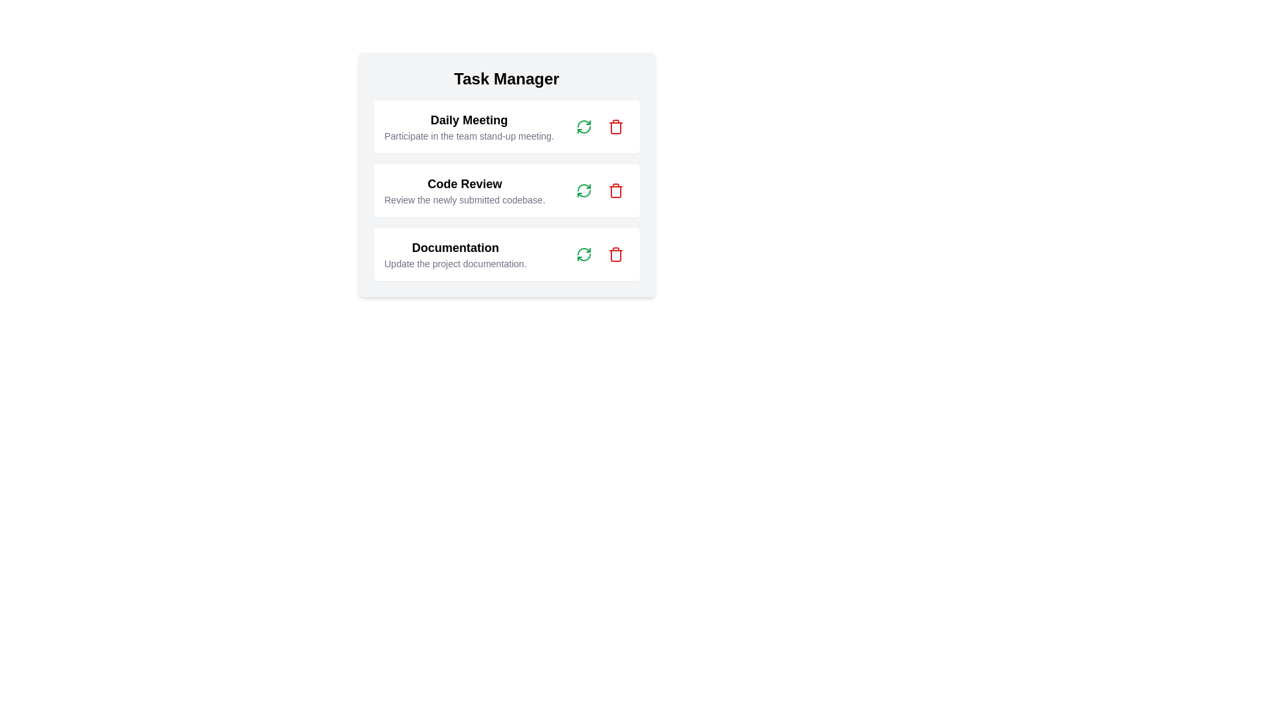 This screenshot has width=1276, height=718. What do you see at coordinates (465, 184) in the screenshot?
I see `the text label that serves as the title of the task in the second task card under the 'Task Manager' section` at bounding box center [465, 184].